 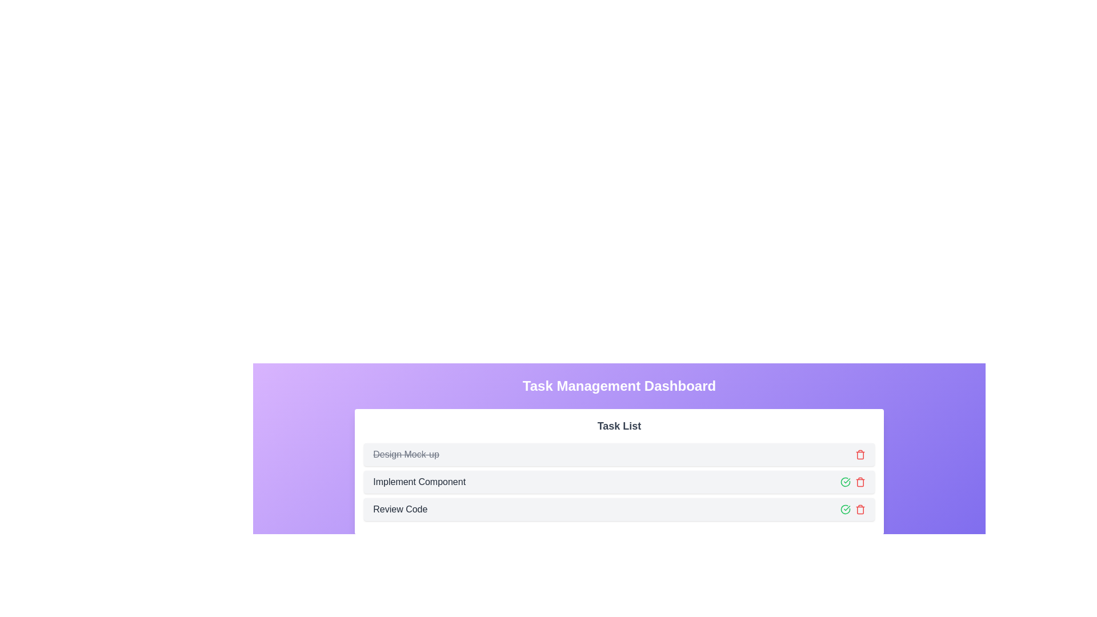 I want to click on the delete button located at the far-right corner of the 'Design Mock-up' list item, so click(x=860, y=454).